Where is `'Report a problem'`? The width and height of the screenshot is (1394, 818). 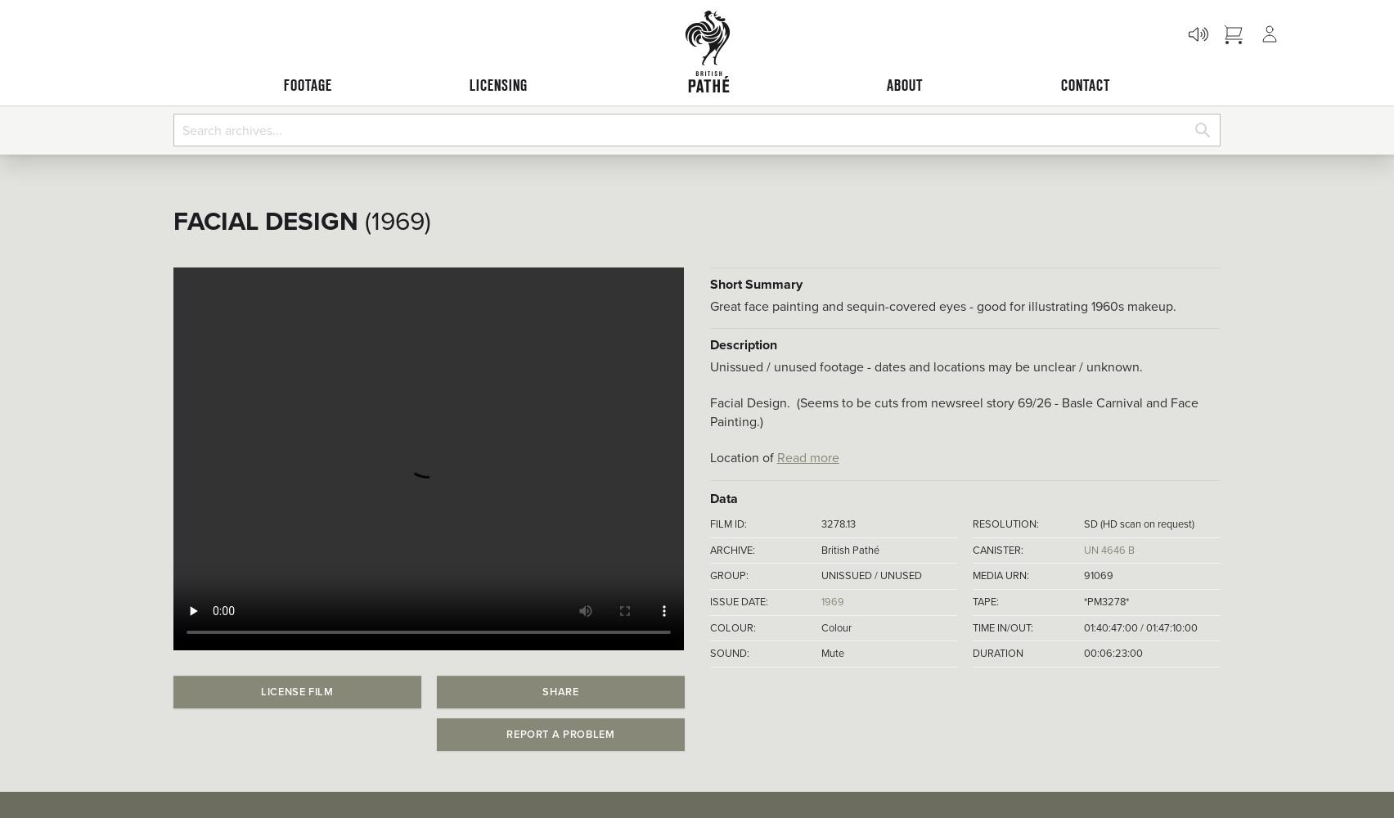 'Report a problem' is located at coordinates (559, 734).